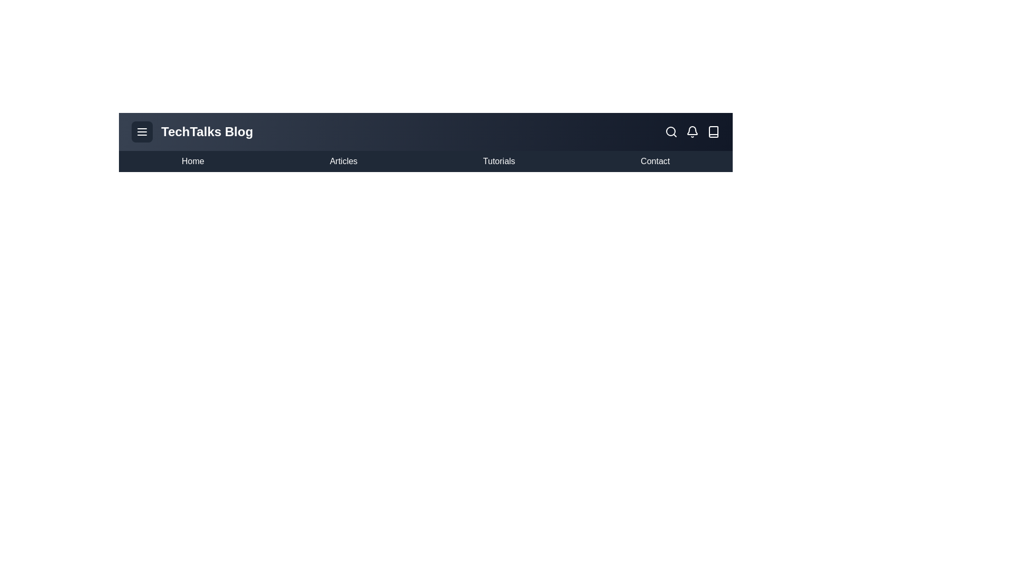 Image resolution: width=1015 pixels, height=570 pixels. I want to click on the menu item Articles from the BlogAppBar, so click(343, 161).